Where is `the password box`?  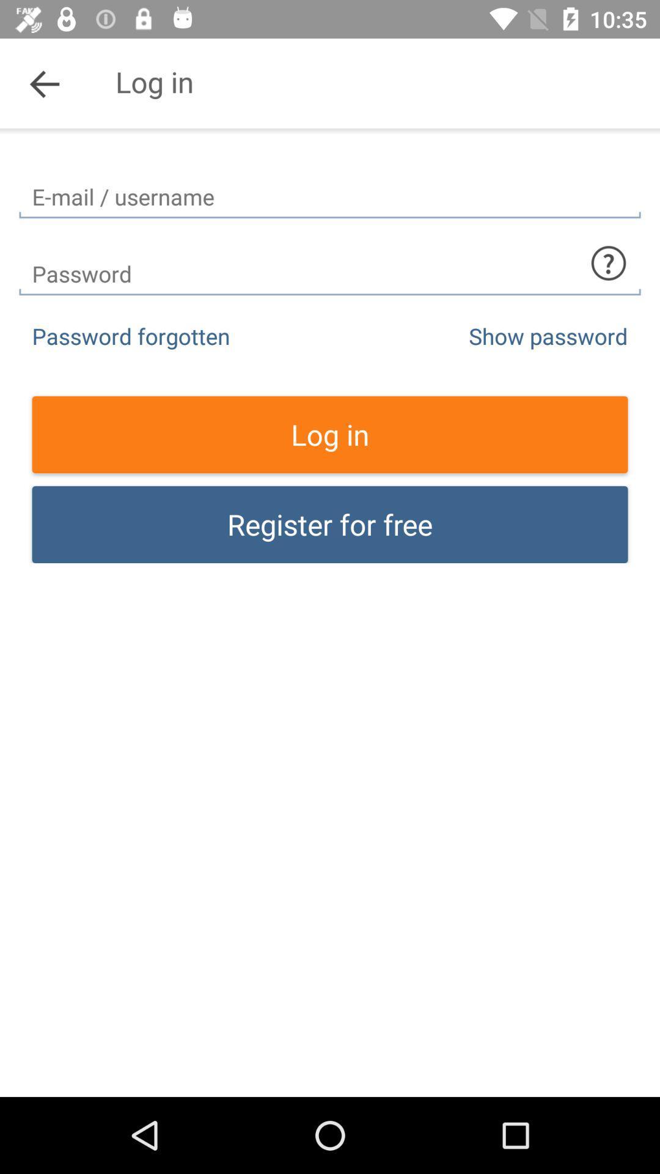
the password box is located at coordinates (330, 262).